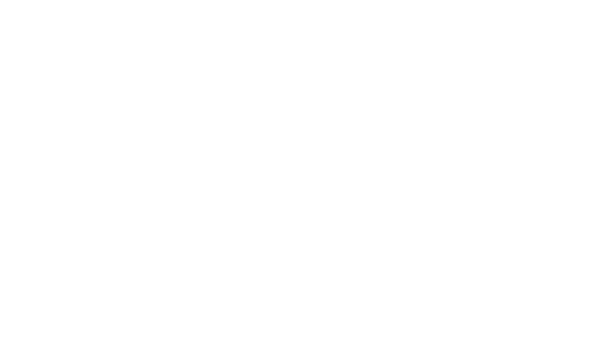 Image resolution: width=591 pixels, height=338 pixels. What do you see at coordinates (236, 254) in the screenshot?
I see `'01933 222427'` at bounding box center [236, 254].